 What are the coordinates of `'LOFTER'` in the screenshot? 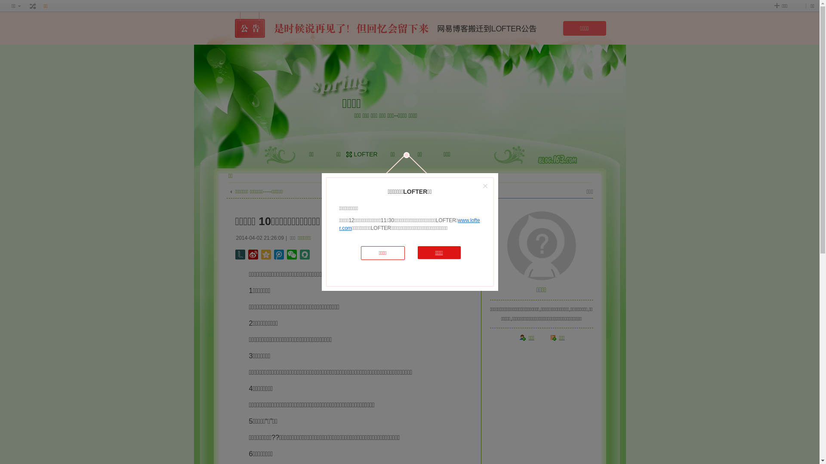 It's located at (365, 153).